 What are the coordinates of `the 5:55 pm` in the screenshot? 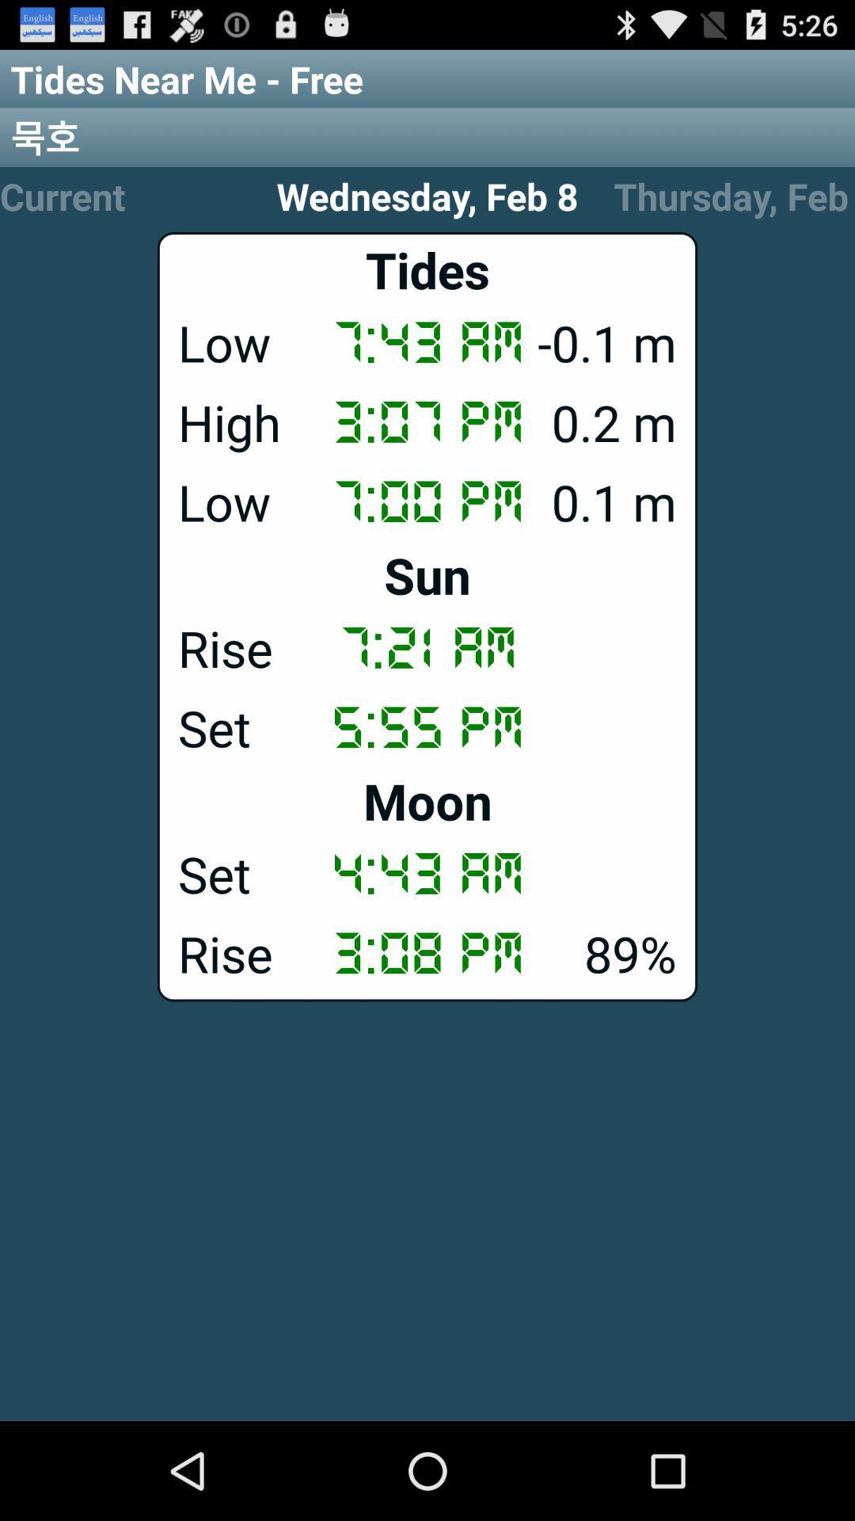 It's located at (427, 726).